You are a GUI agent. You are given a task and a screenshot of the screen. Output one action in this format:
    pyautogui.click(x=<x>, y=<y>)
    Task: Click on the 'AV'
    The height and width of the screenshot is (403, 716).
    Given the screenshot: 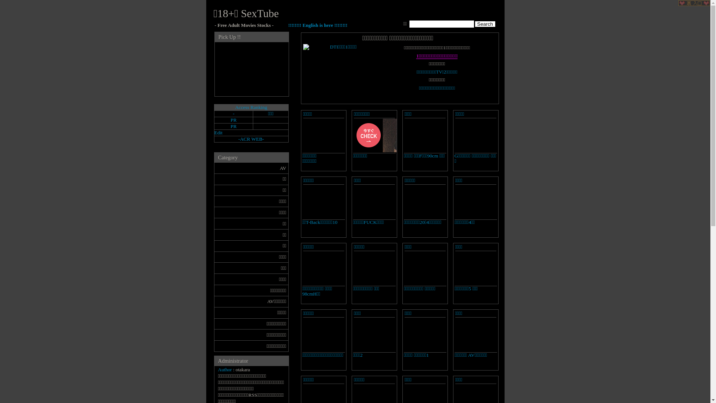 What is the action you would take?
    pyautogui.click(x=251, y=168)
    